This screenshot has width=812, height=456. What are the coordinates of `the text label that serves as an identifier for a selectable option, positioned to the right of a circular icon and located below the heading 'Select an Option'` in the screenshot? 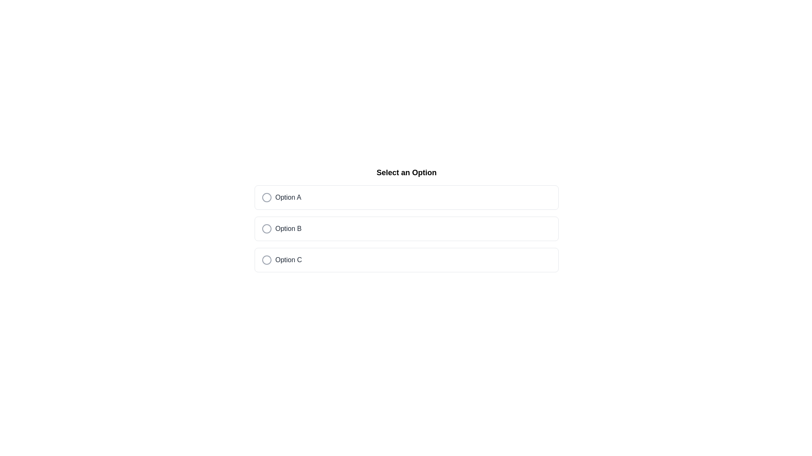 It's located at (288, 229).